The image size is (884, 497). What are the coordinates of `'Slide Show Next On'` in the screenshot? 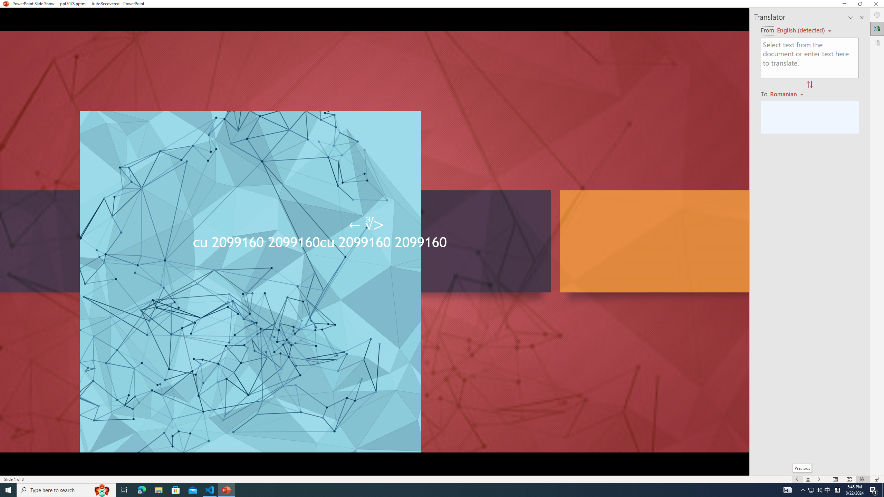 It's located at (819, 479).